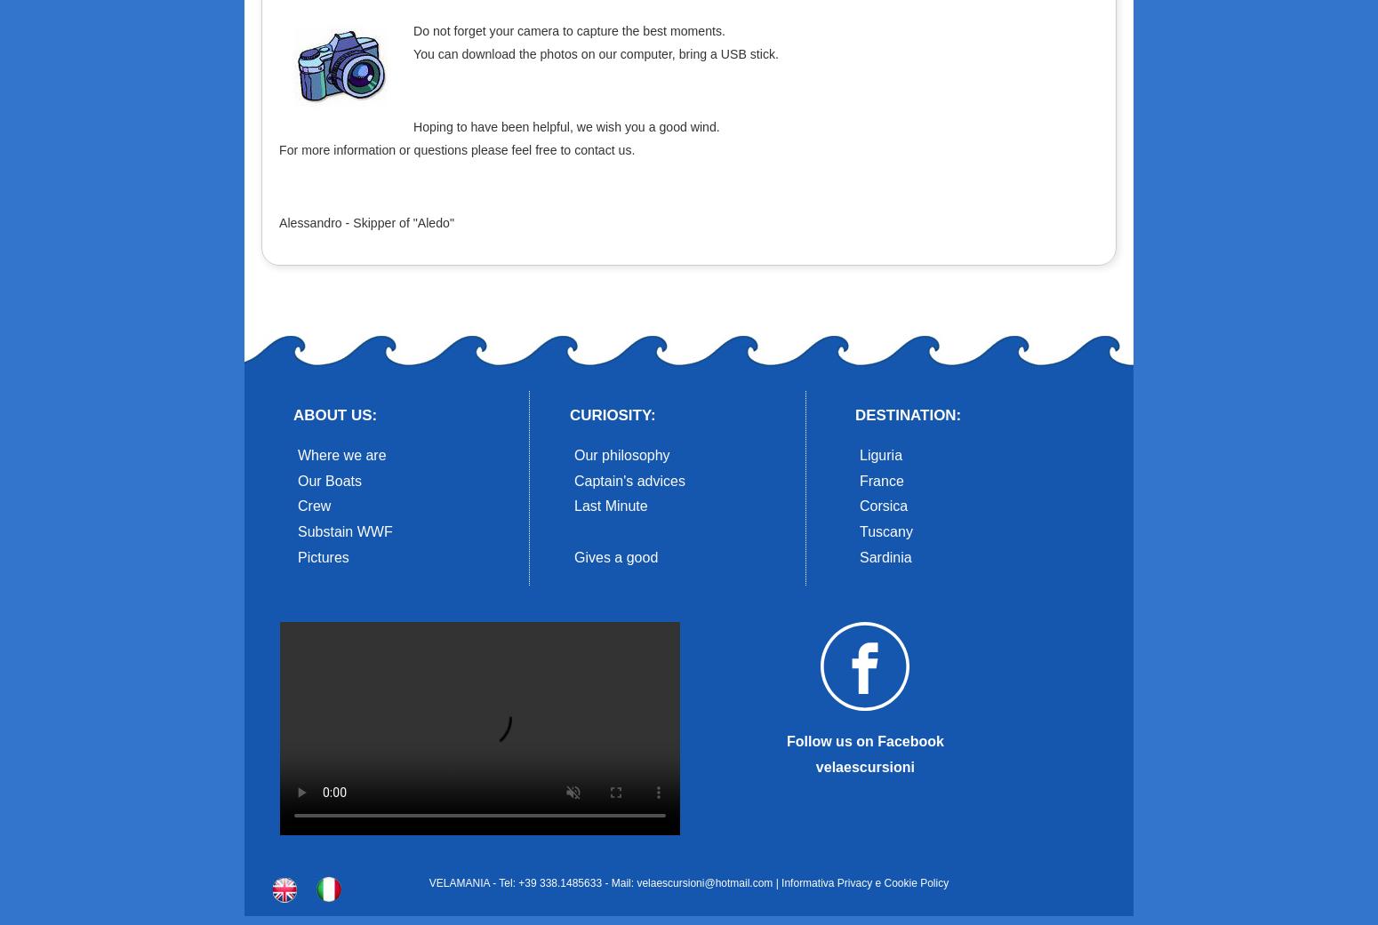  Describe the element at coordinates (814, 765) in the screenshot. I see `'velaescursioni'` at that location.